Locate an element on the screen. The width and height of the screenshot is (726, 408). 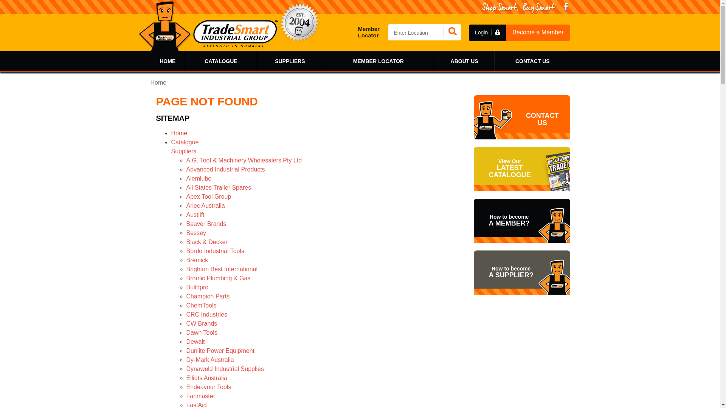
'Become a Member' is located at coordinates (537, 32).